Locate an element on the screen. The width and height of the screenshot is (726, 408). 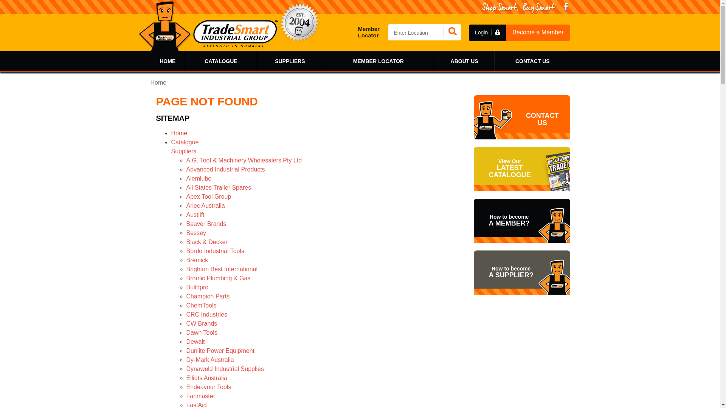
'Become a Member' is located at coordinates (537, 32).